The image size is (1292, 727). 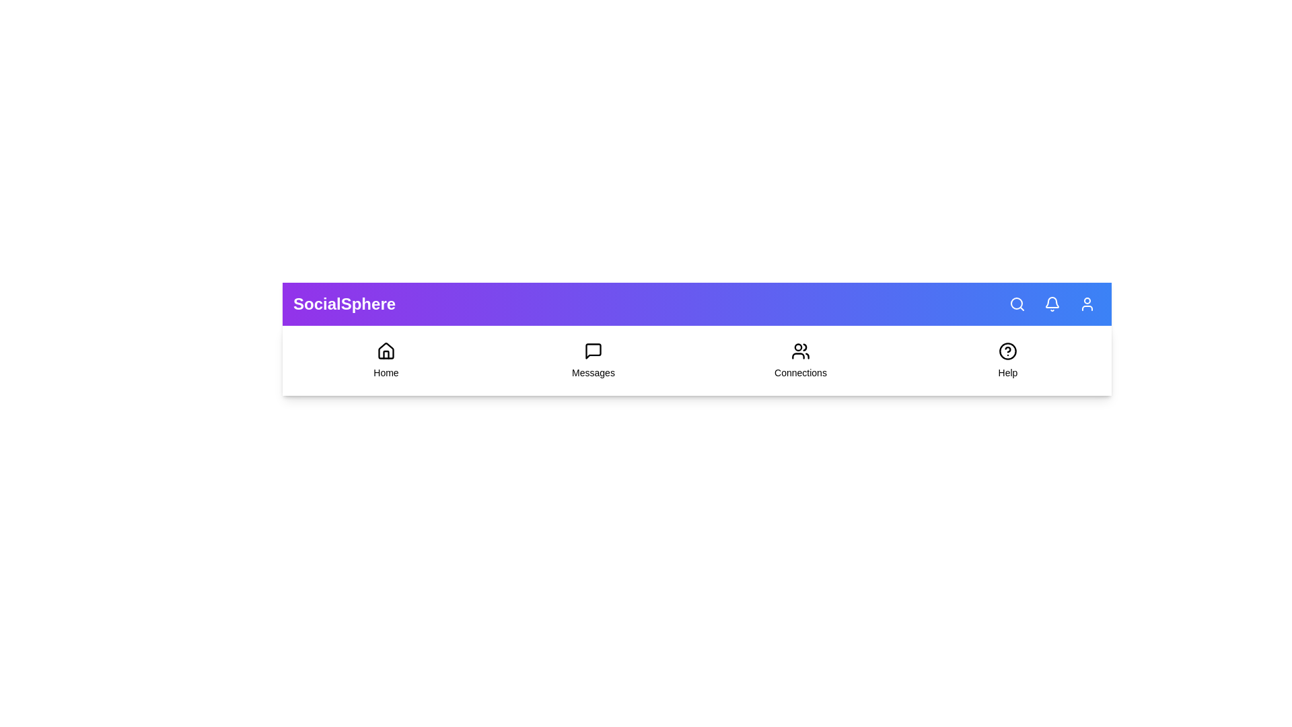 What do you see at coordinates (801, 360) in the screenshot?
I see `the 'Connections' menu item` at bounding box center [801, 360].